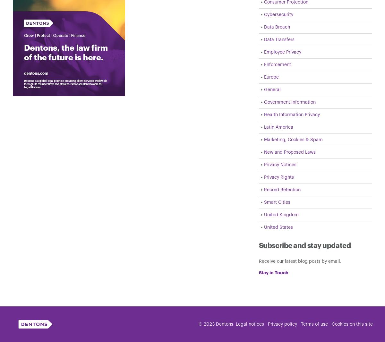 This screenshot has width=385, height=342. I want to click on 'Subscribe and stay updated', so click(258, 245).